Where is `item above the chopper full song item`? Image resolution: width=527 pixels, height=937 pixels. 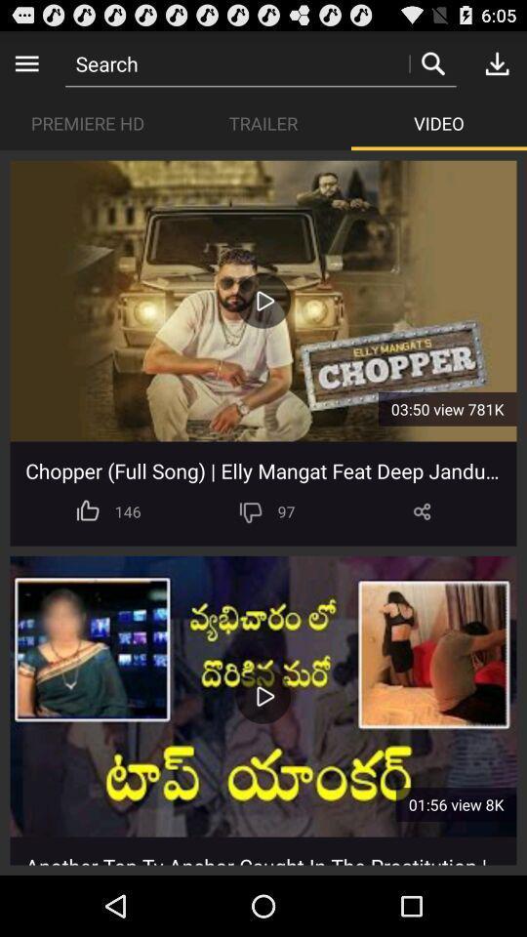 item above the chopper full song item is located at coordinates (447, 408).